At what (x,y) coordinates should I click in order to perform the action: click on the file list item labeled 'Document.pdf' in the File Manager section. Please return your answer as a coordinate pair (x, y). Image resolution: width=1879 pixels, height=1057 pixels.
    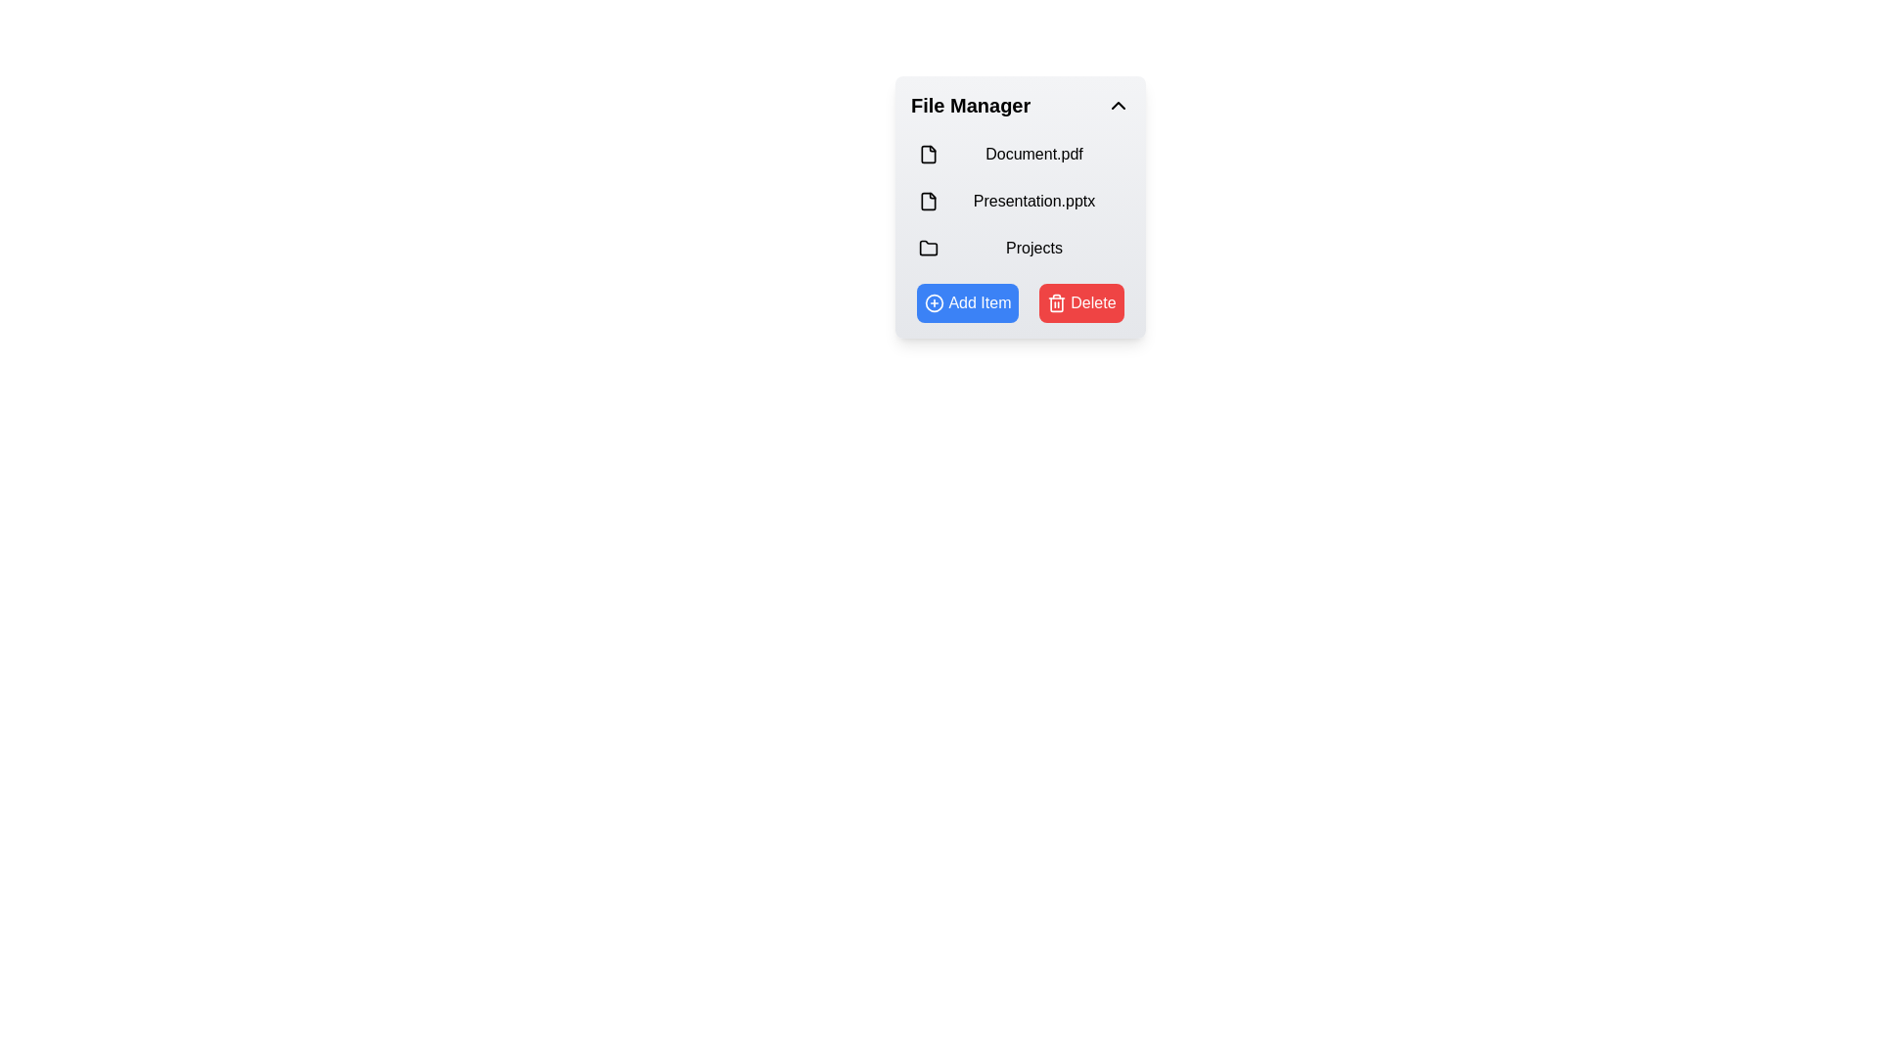
    Looking at the image, I should click on (1019, 154).